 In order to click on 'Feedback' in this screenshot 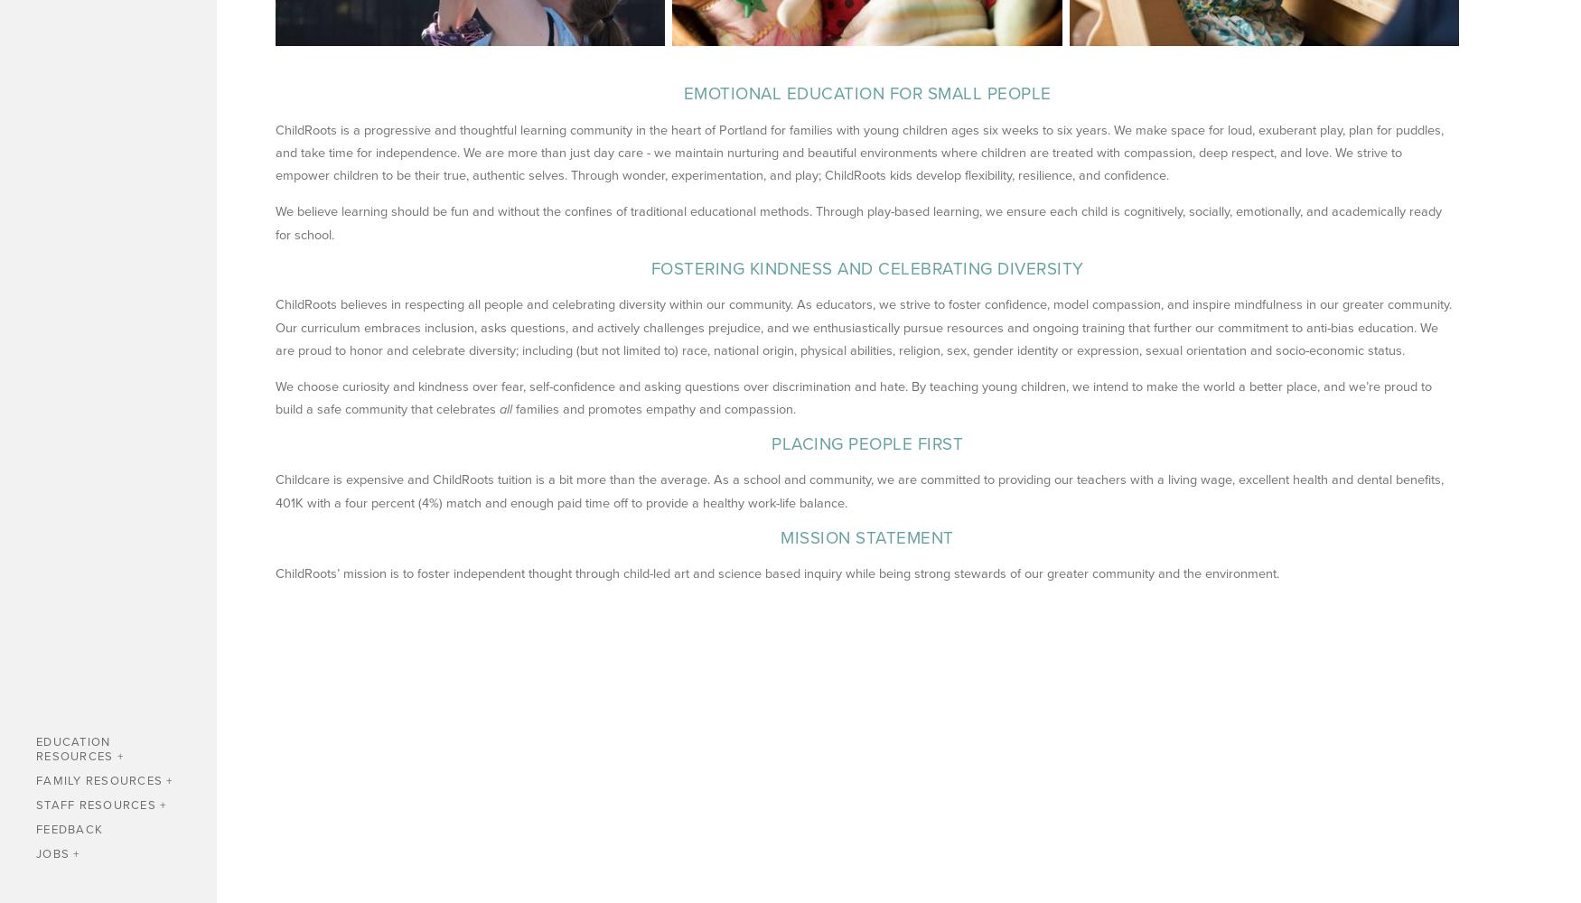, I will do `click(35, 829)`.